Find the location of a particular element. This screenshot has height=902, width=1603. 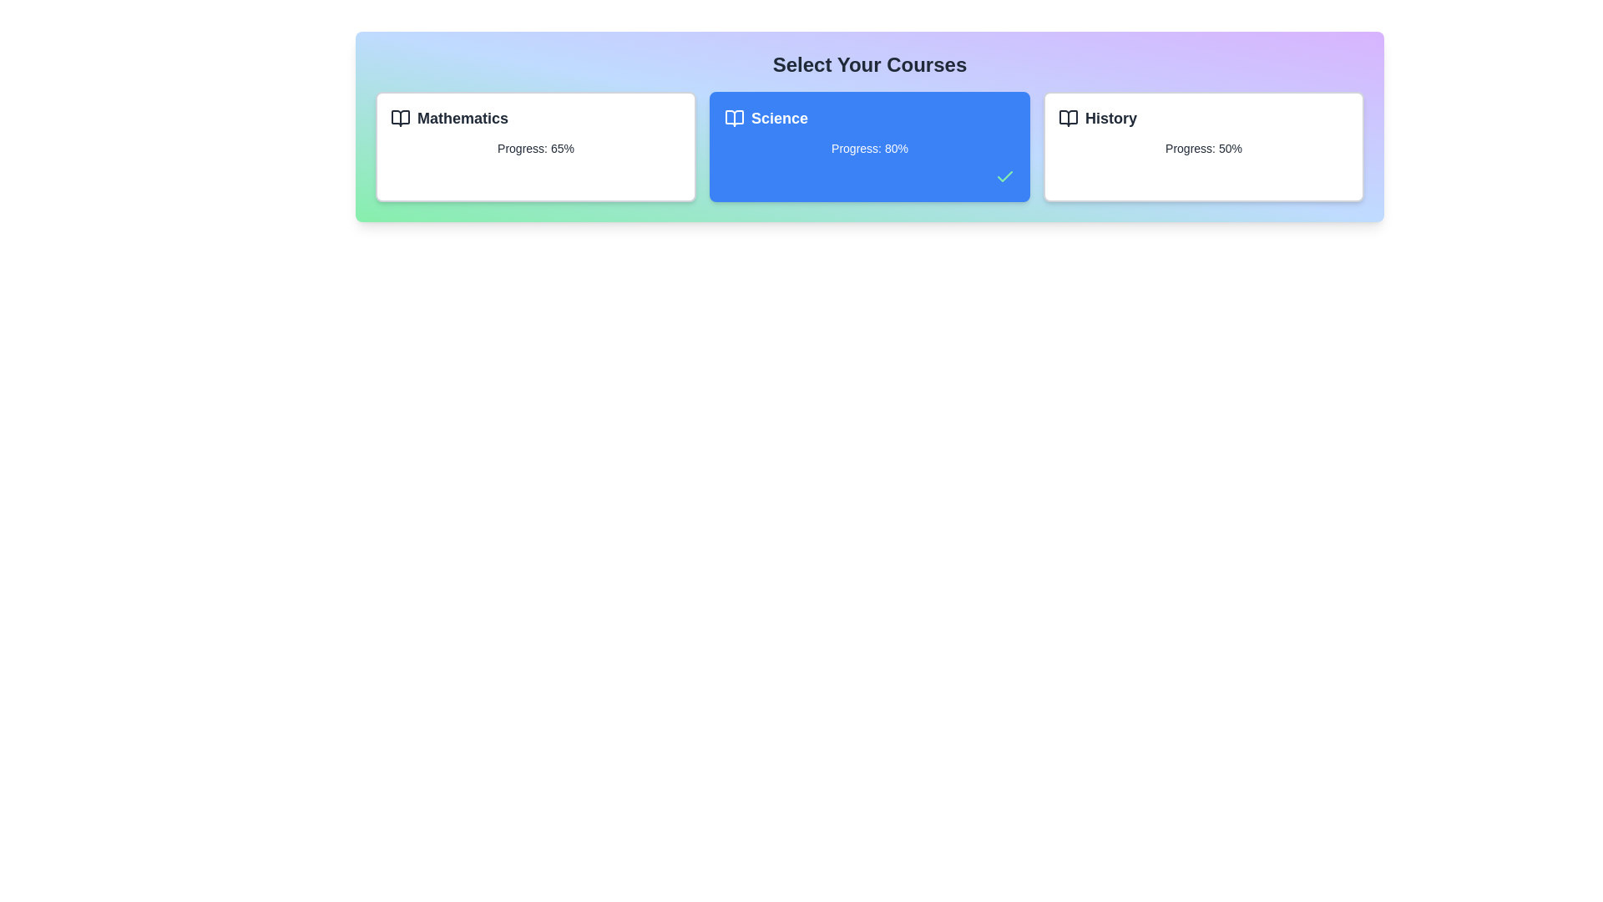

the decorative icon of the course card corresponding to Mathematics is located at coordinates (401, 118).